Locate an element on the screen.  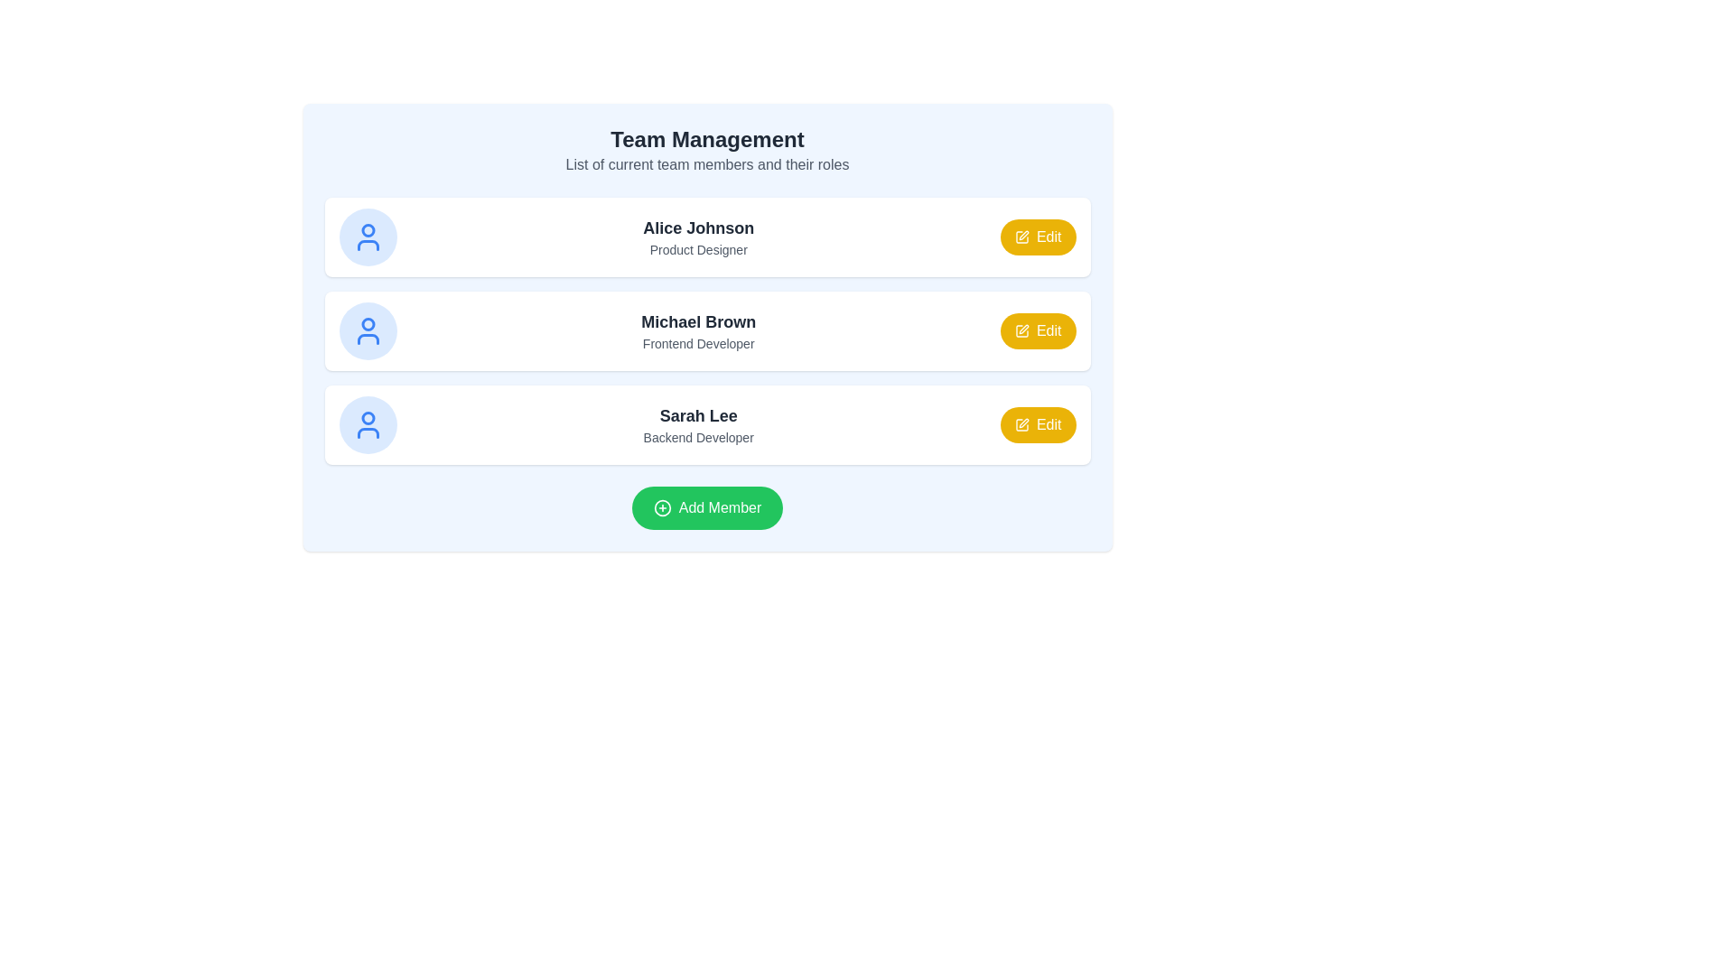
the text label displaying the title 'Product Designer' which is located directly below the name 'Alice Johnson' in the first user card is located at coordinates (697, 250).